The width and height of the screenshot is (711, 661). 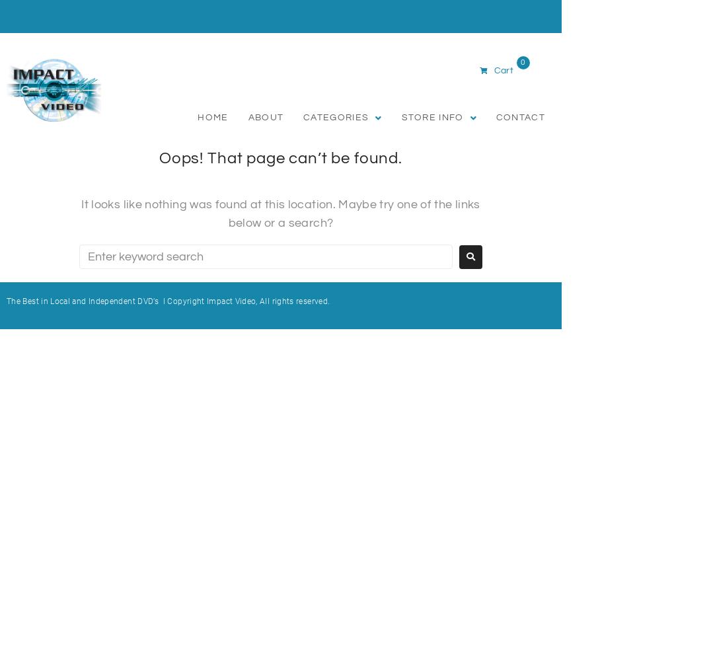 What do you see at coordinates (541, 69) in the screenshot?
I see `'R0,00'` at bounding box center [541, 69].